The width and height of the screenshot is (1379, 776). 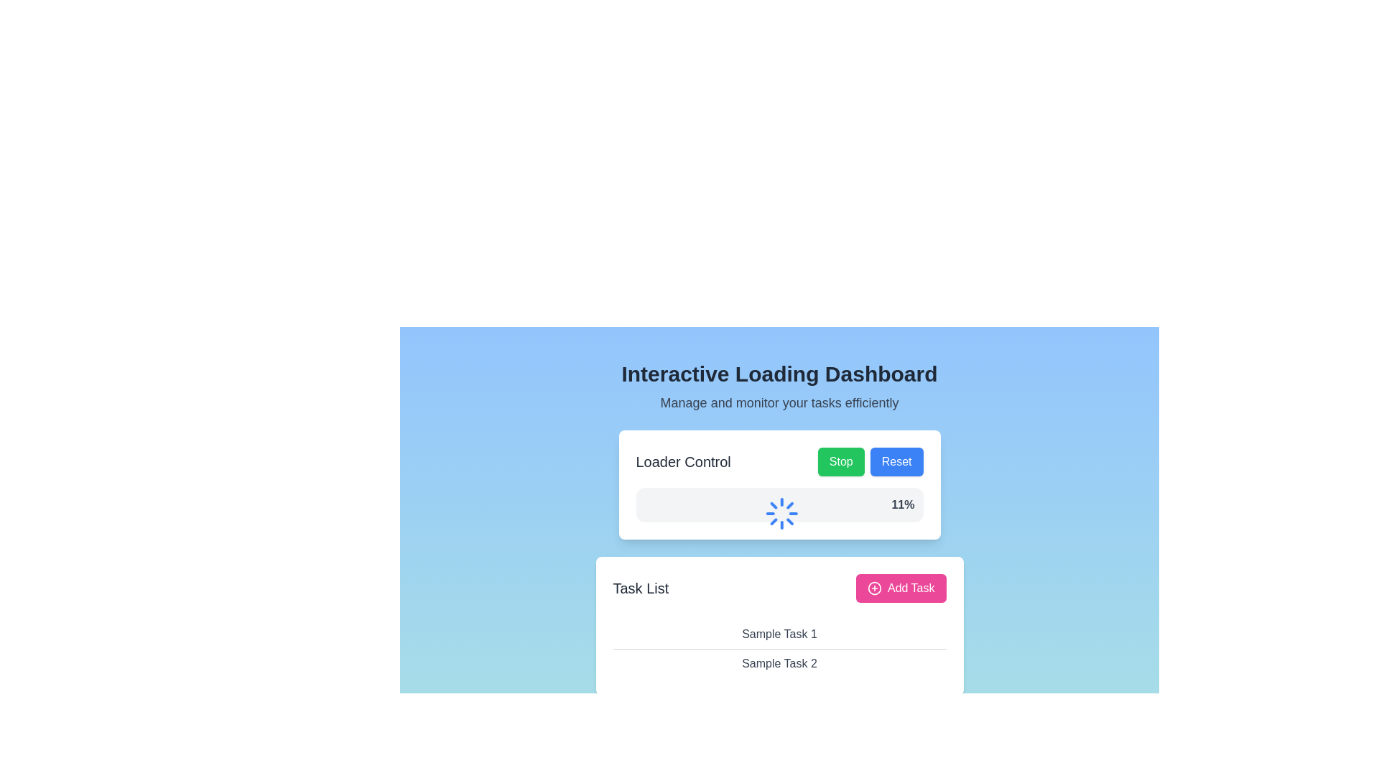 What do you see at coordinates (841, 461) in the screenshot?
I see `the green button labeled 'Stop' located in the upper central region of the interface, which is part of the 'Loader Control' section` at bounding box center [841, 461].